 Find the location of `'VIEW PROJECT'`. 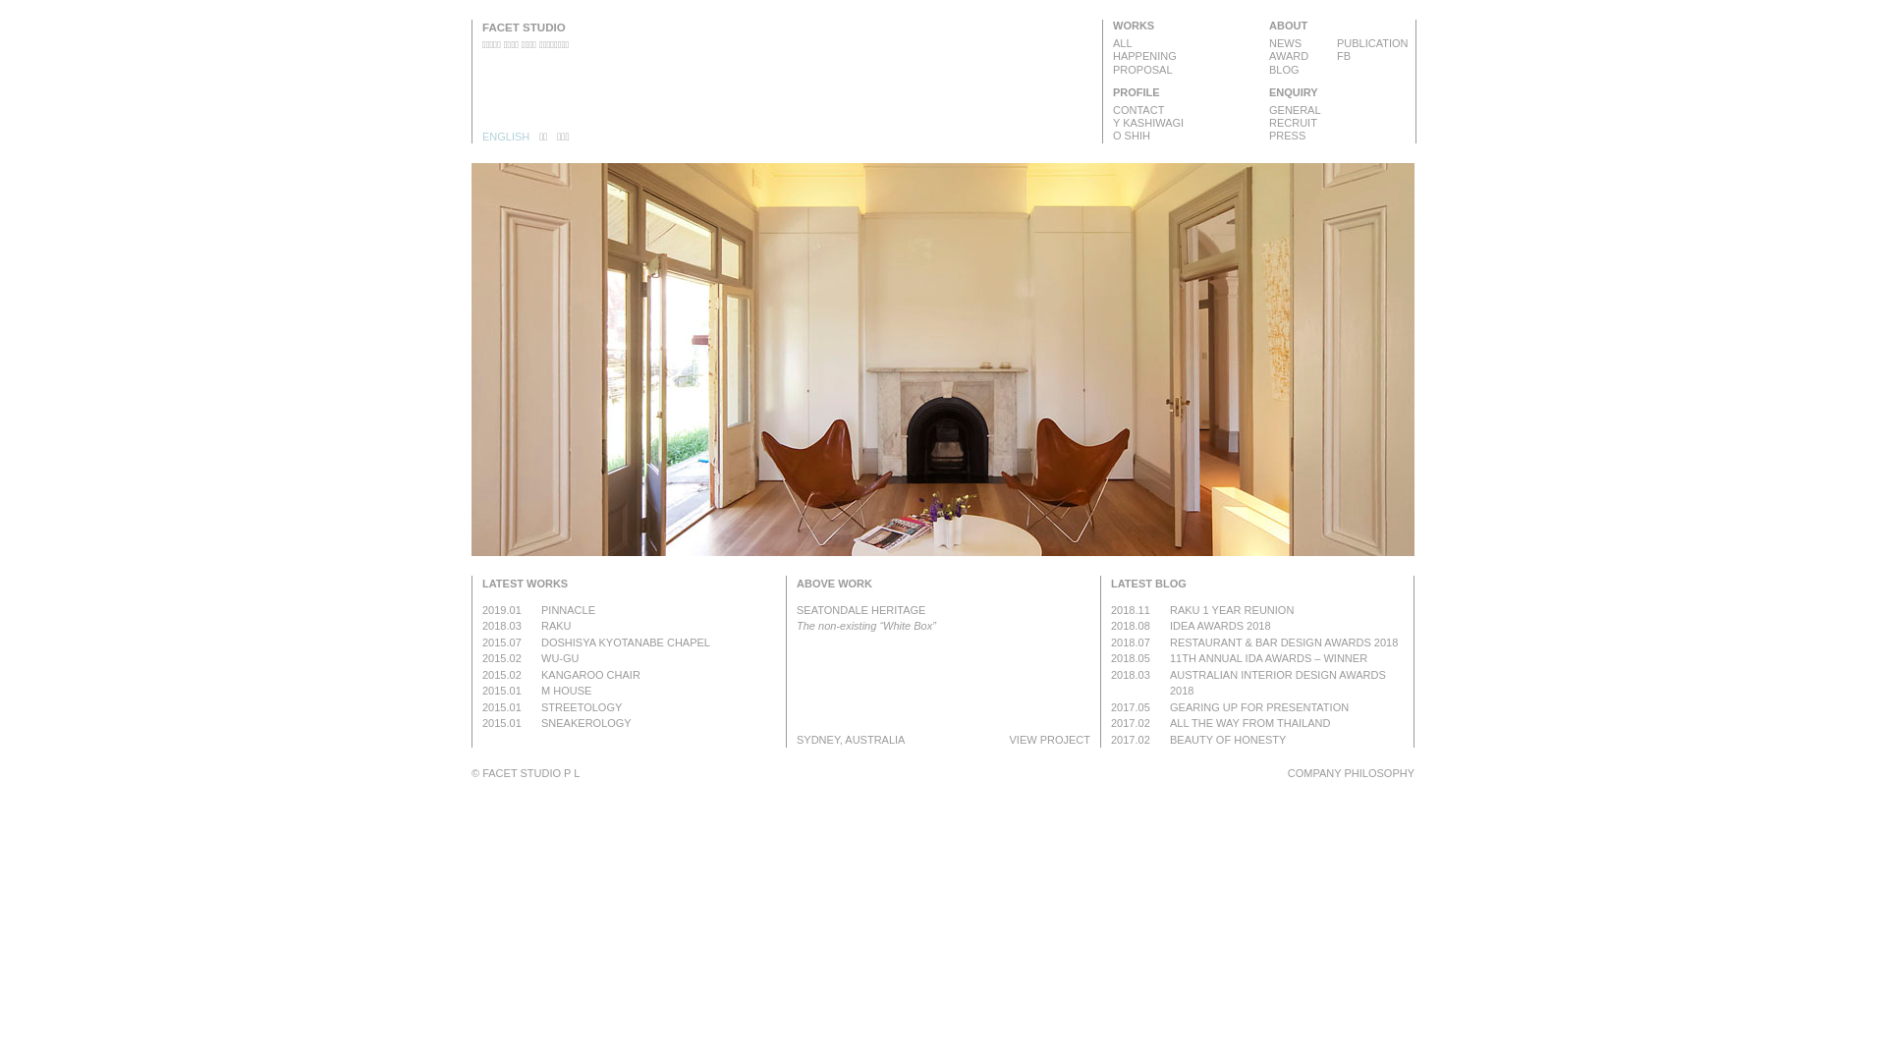

'VIEW PROJECT' is located at coordinates (1009, 739).